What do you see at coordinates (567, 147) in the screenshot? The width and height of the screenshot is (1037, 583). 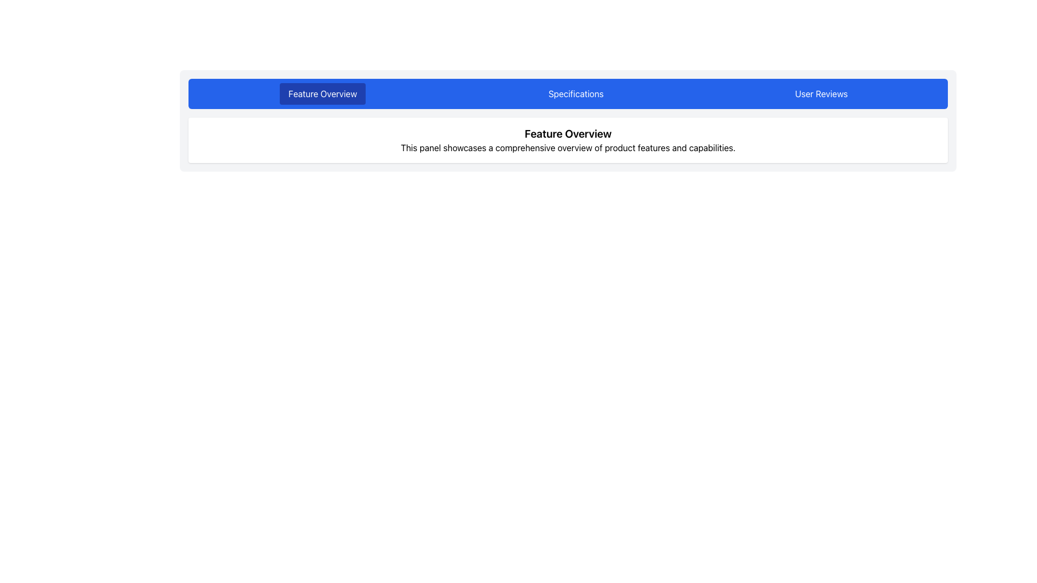 I see `text label that states 'This panel showcases a comprehensive overview of product features and capabilities.' located below the title 'Feature Overview'` at bounding box center [567, 147].